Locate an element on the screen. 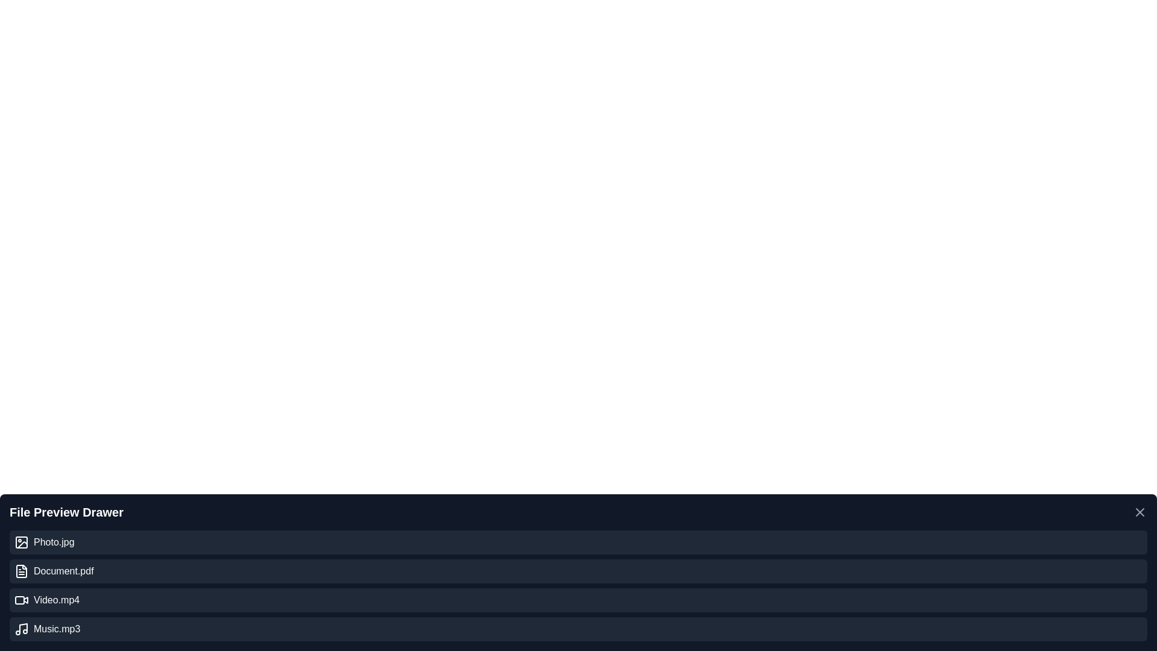 The height and width of the screenshot is (651, 1157). to select the file named 'Music.mp3' in the list within the 'File Preview Drawer' is located at coordinates (56, 629).